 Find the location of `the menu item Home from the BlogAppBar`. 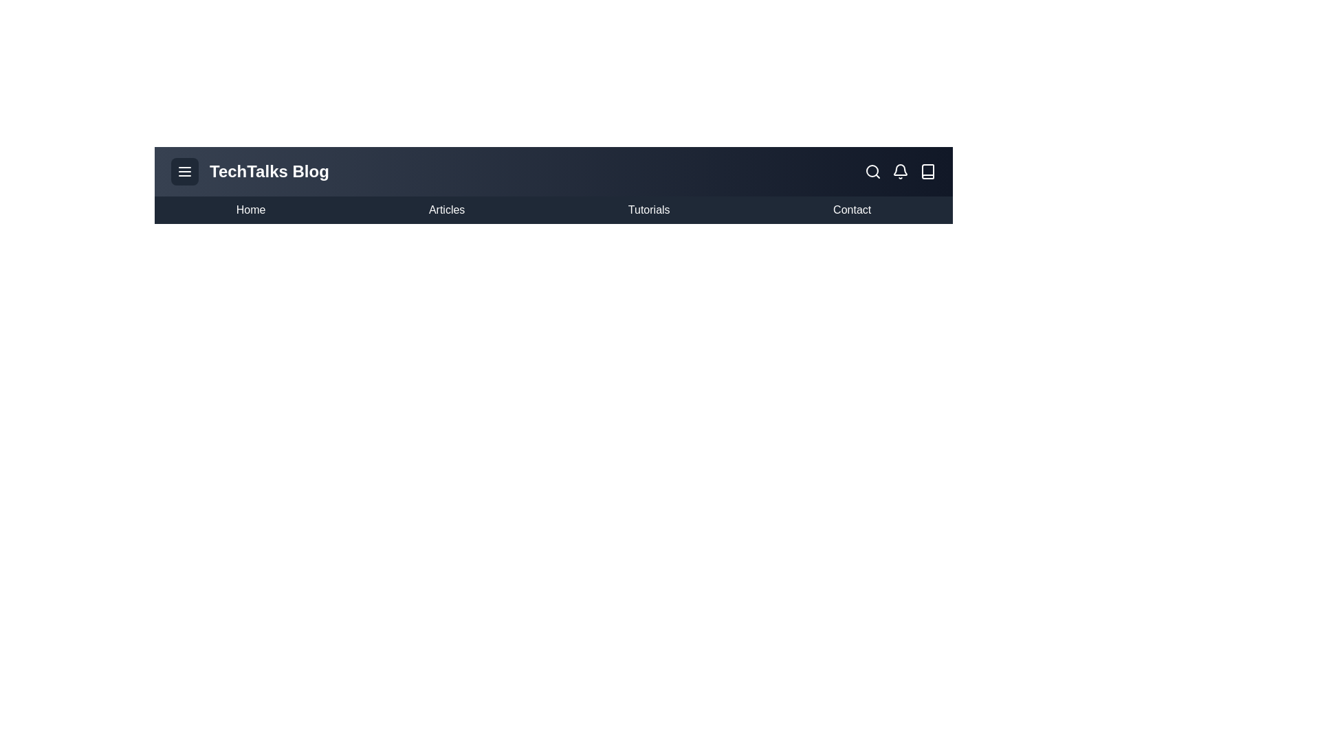

the menu item Home from the BlogAppBar is located at coordinates (250, 210).